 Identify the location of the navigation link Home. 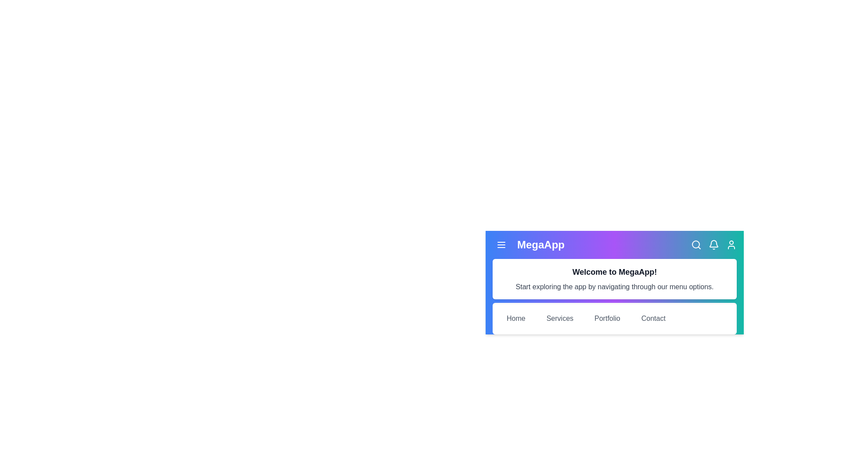
(516, 318).